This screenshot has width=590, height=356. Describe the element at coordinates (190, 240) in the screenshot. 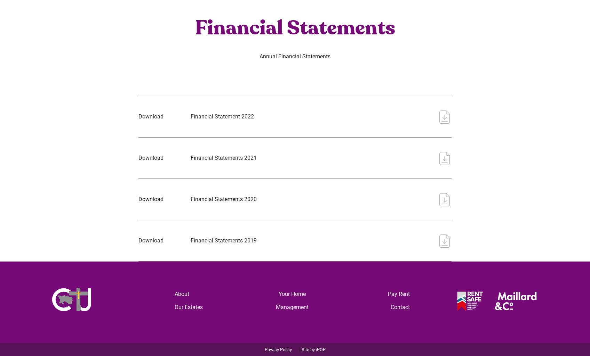

I see `'Financial Statements 2019'` at that location.